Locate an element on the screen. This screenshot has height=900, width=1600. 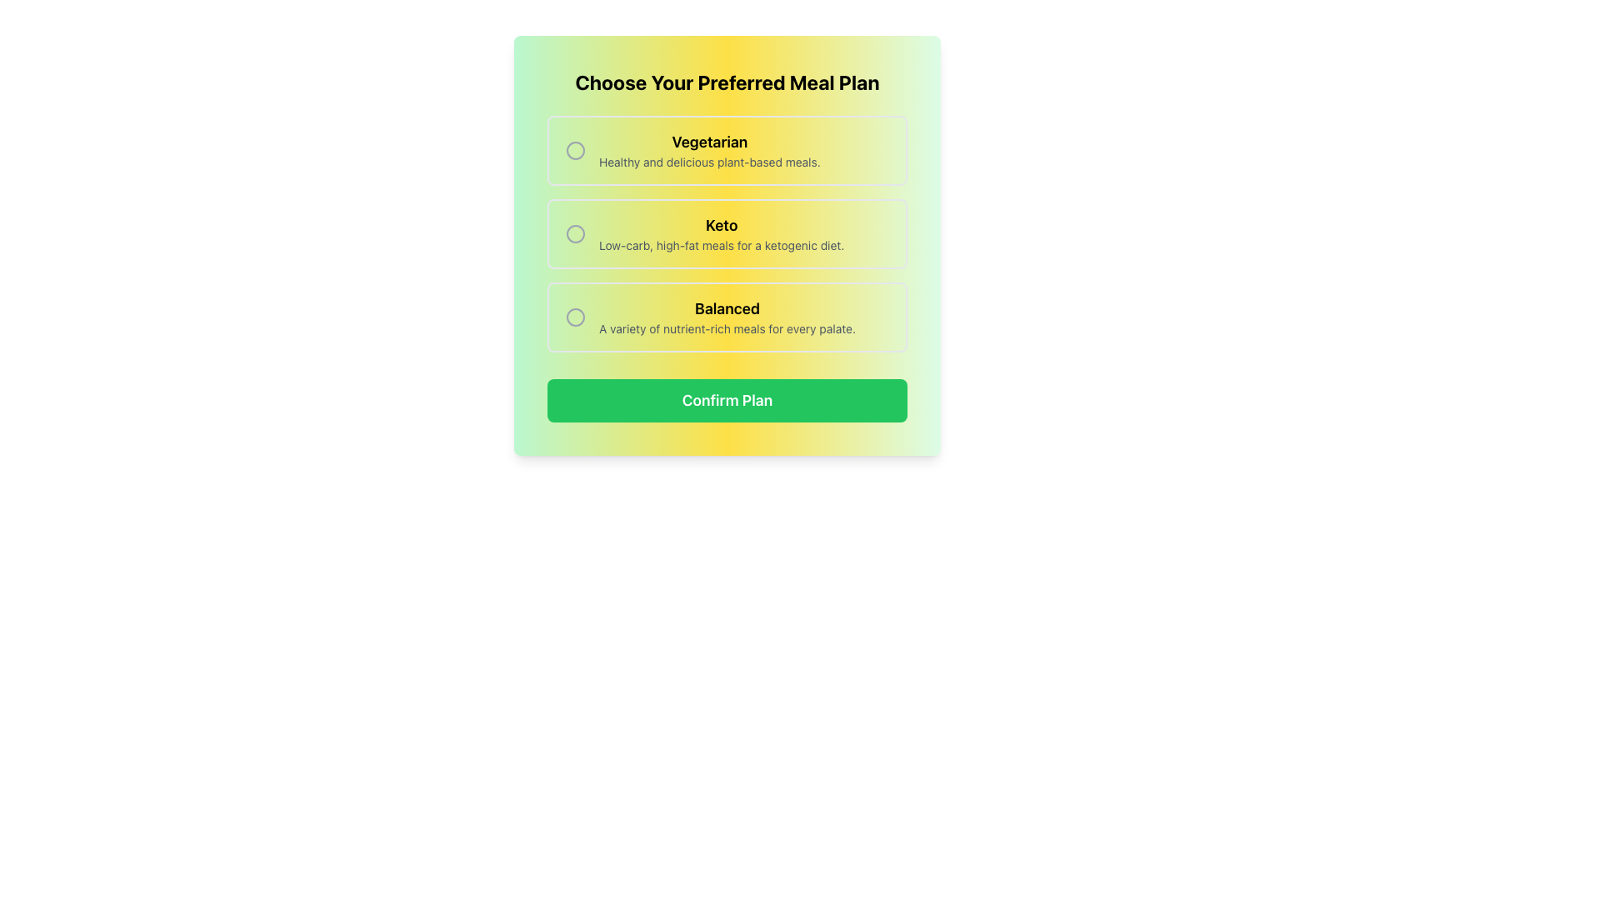
the descriptive text 'A variety of nutrient-rich meals for every palate.' which is located below the bold 'Balanced' label in the third meal plan option card is located at coordinates (727, 328).